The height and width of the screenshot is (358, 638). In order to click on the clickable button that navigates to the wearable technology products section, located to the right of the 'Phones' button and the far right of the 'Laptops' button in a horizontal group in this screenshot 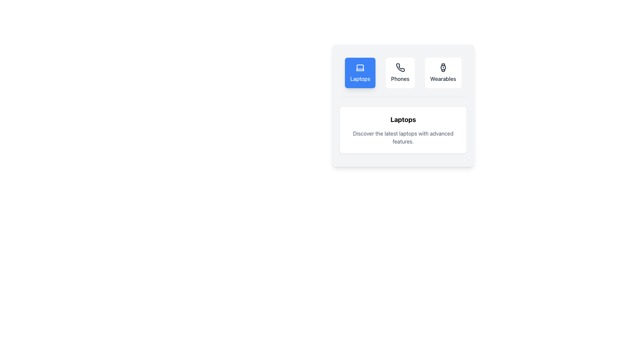, I will do `click(443, 73)`.